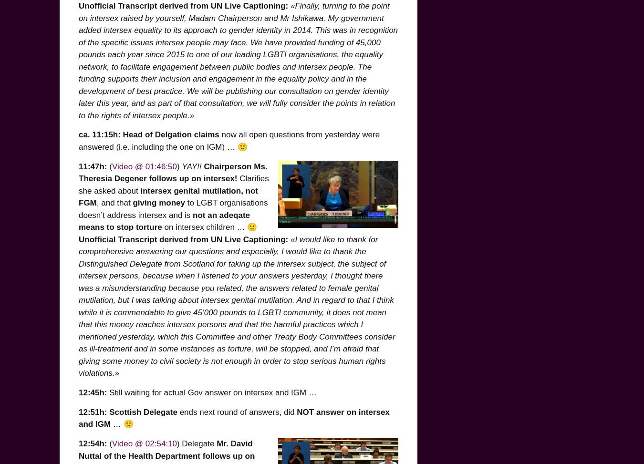  I want to click on 'ends next round of answers, did', so click(236, 412).